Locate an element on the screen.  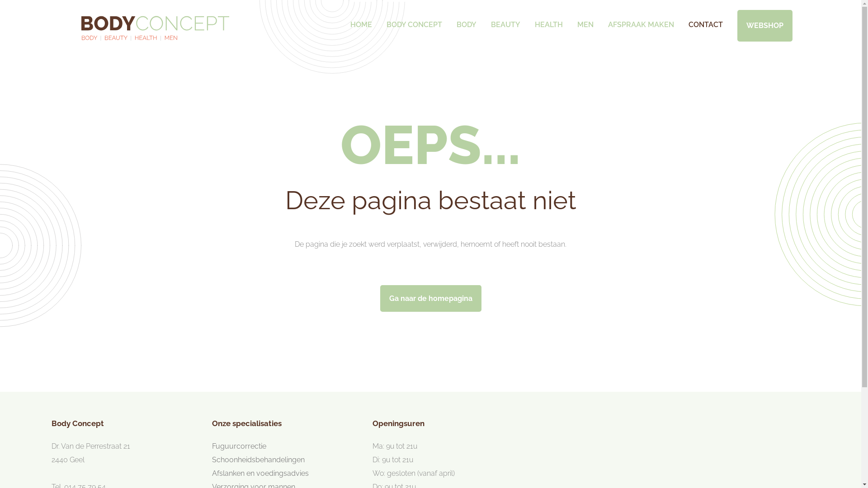
'Afslanken en voedingsadvies' is located at coordinates (260, 473).